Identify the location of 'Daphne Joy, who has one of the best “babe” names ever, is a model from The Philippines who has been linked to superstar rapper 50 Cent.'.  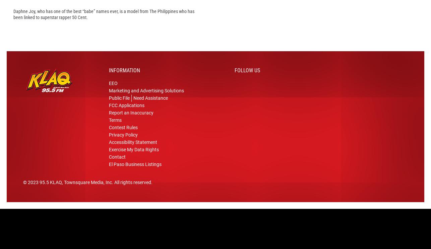
(104, 25).